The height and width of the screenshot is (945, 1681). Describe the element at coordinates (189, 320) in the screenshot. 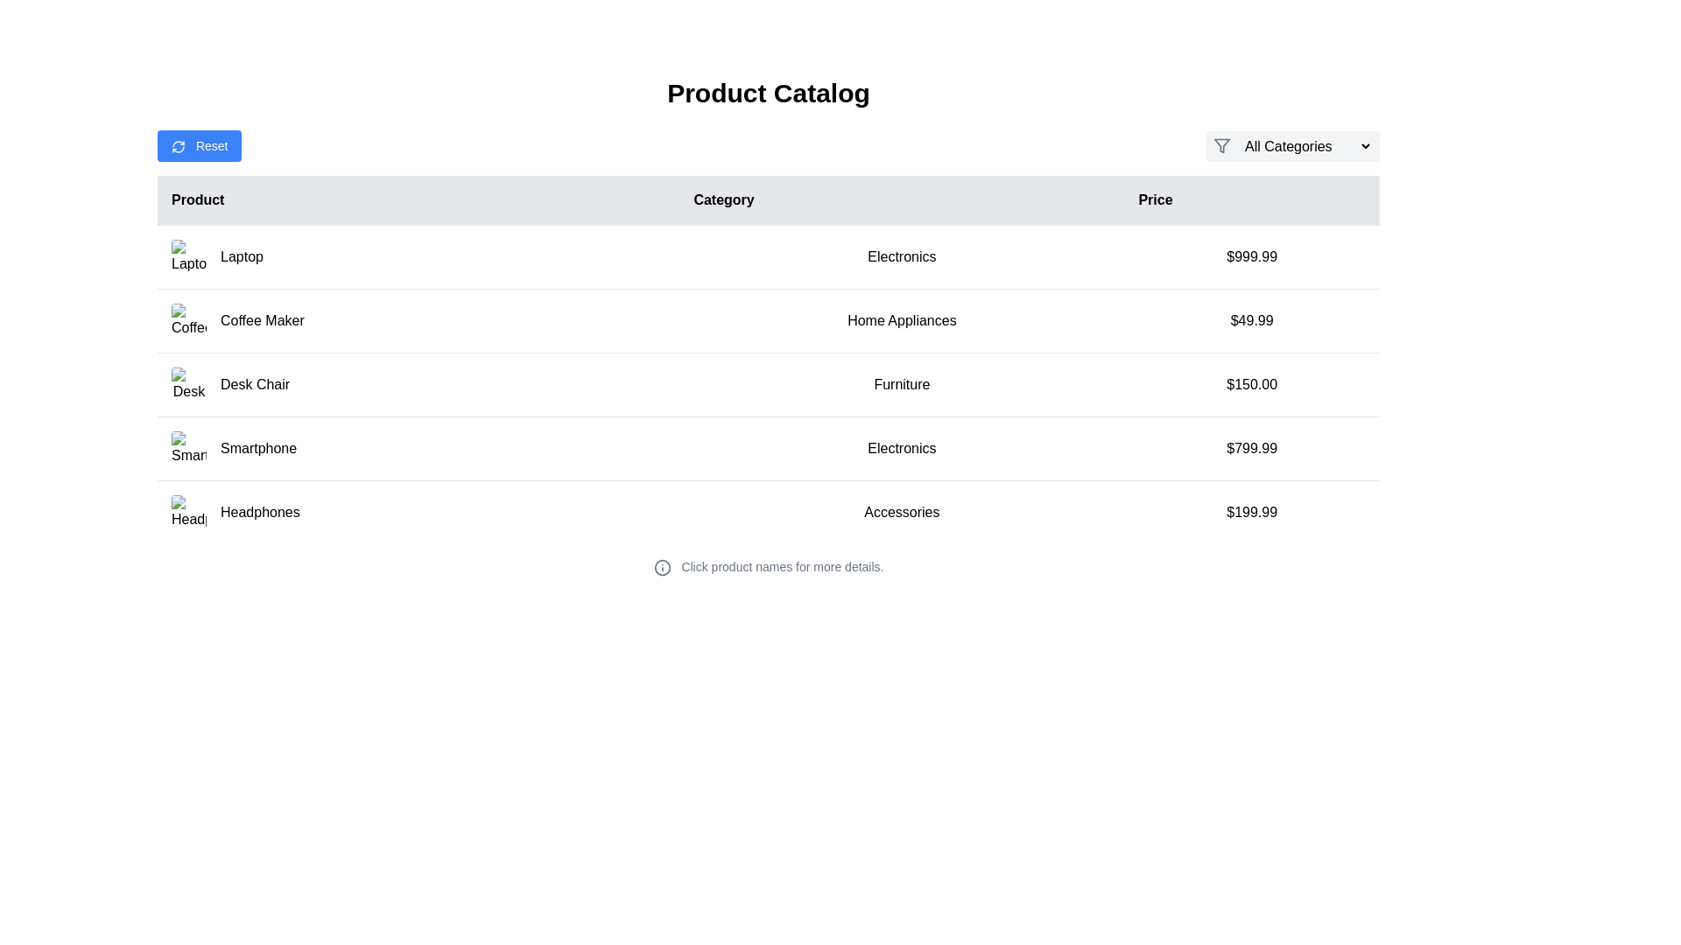

I see `the static image thumbnail representing the Coffee Maker product, located in the second row of the product list, immediately to the left of the text 'Coffee Maker'` at that location.